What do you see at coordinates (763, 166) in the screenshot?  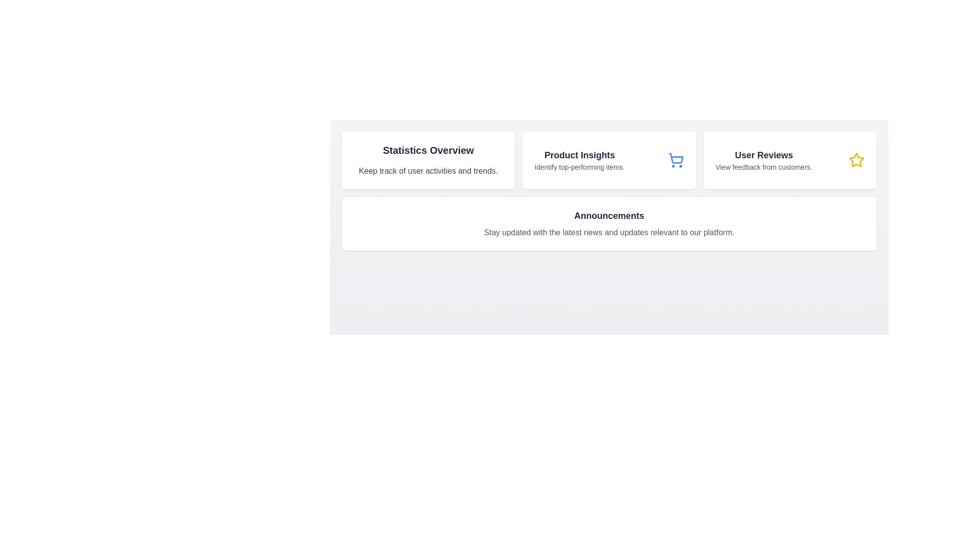 I see `the supplementary description text located directly below the 'User Reviews' heading in the top-right card layout` at bounding box center [763, 166].